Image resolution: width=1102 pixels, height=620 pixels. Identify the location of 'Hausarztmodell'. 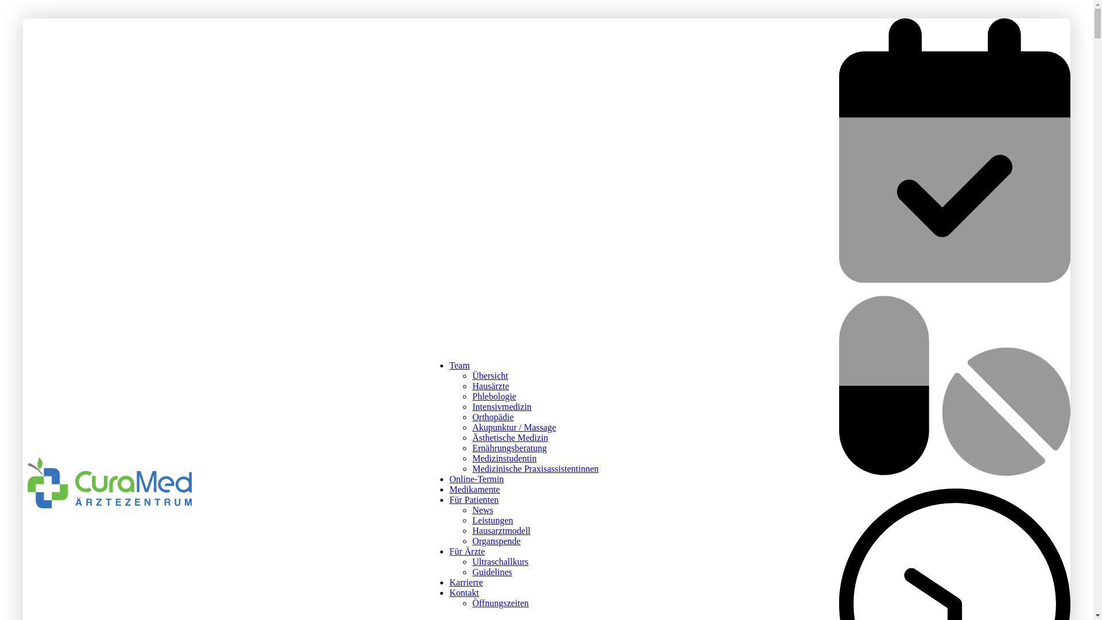
(501, 530).